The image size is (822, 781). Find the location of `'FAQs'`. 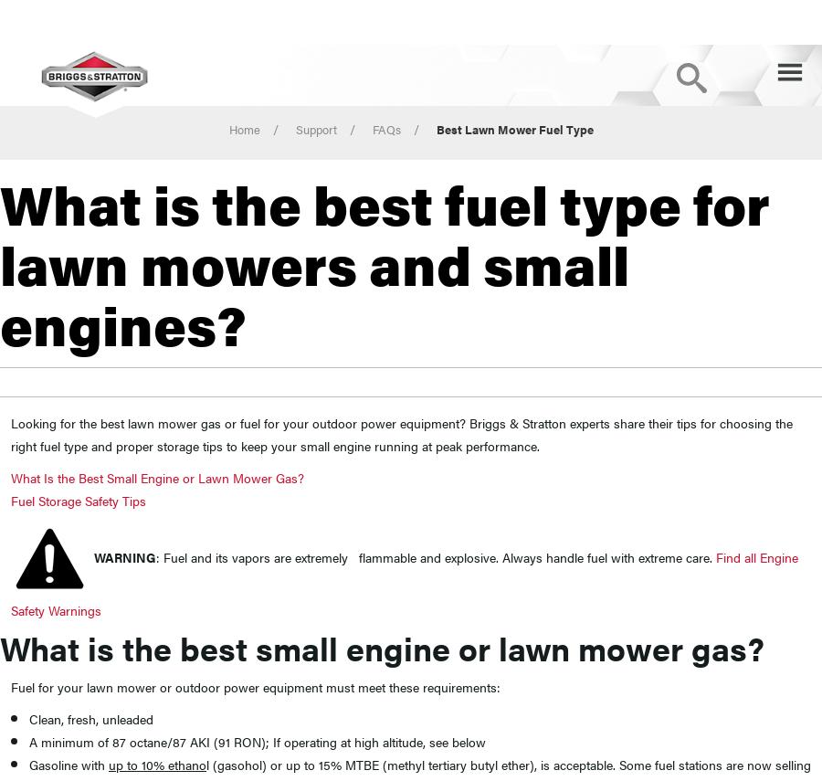

'FAQs' is located at coordinates (371, 129).